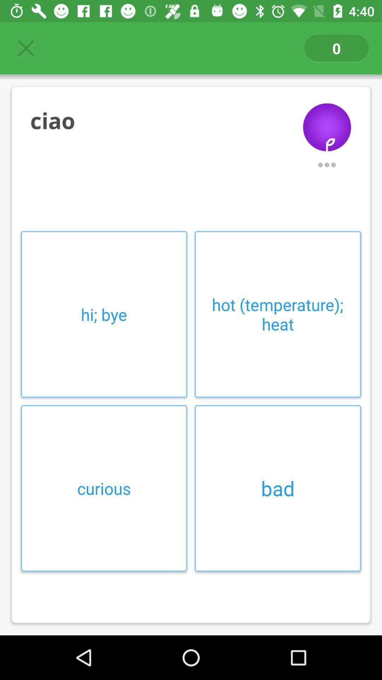  What do you see at coordinates (104, 314) in the screenshot?
I see `hi; bye` at bounding box center [104, 314].